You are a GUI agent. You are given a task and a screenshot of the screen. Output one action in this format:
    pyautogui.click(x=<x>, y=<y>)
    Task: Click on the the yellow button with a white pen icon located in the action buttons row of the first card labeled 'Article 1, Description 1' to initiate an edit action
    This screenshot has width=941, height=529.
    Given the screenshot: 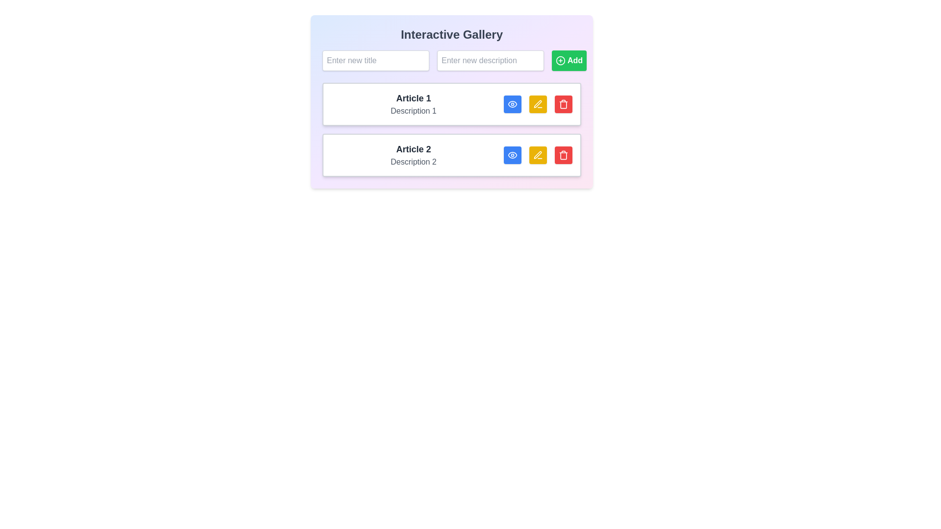 What is the action you would take?
    pyautogui.click(x=538, y=104)
    